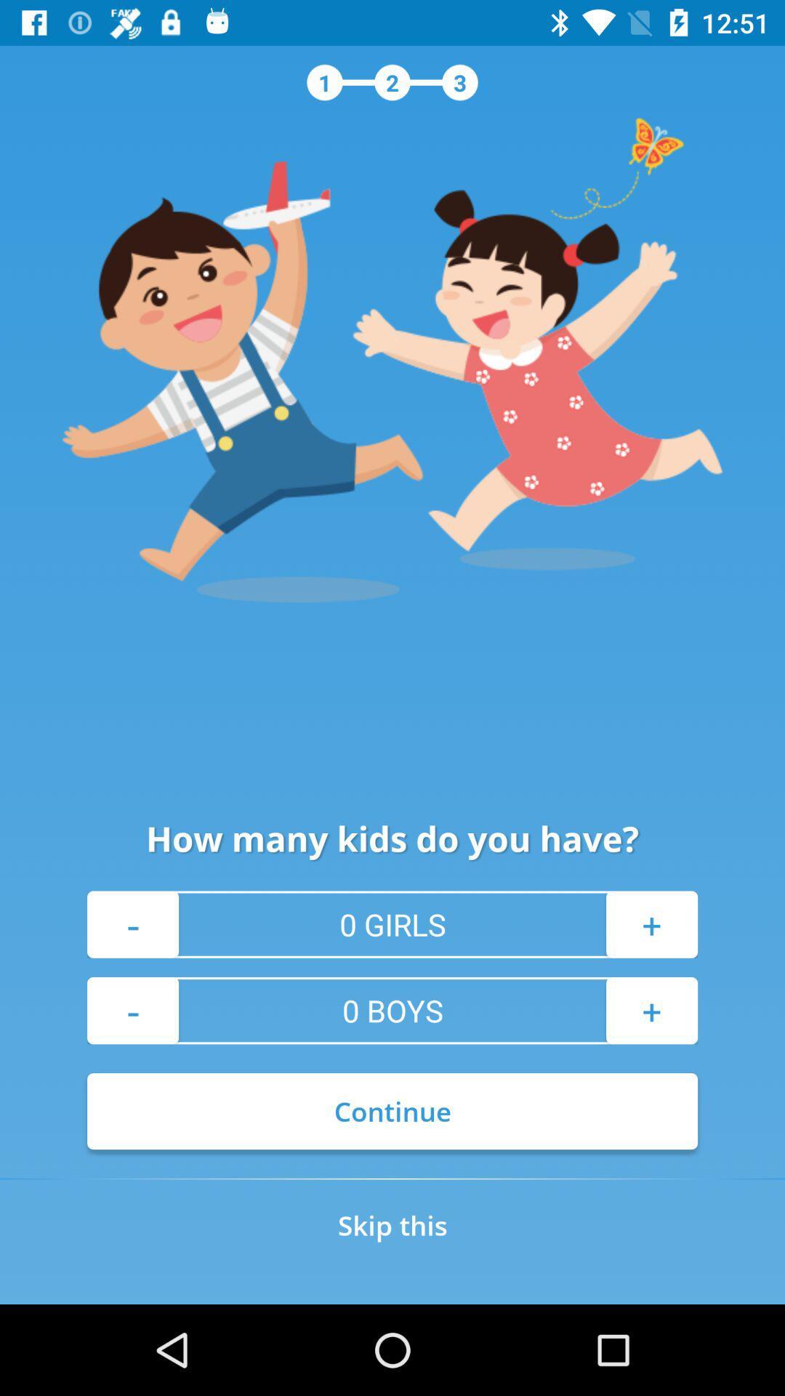 Image resolution: width=785 pixels, height=1396 pixels. Describe the element at coordinates (392, 1110) in the screenshot. I see `the continue icon` at that location.